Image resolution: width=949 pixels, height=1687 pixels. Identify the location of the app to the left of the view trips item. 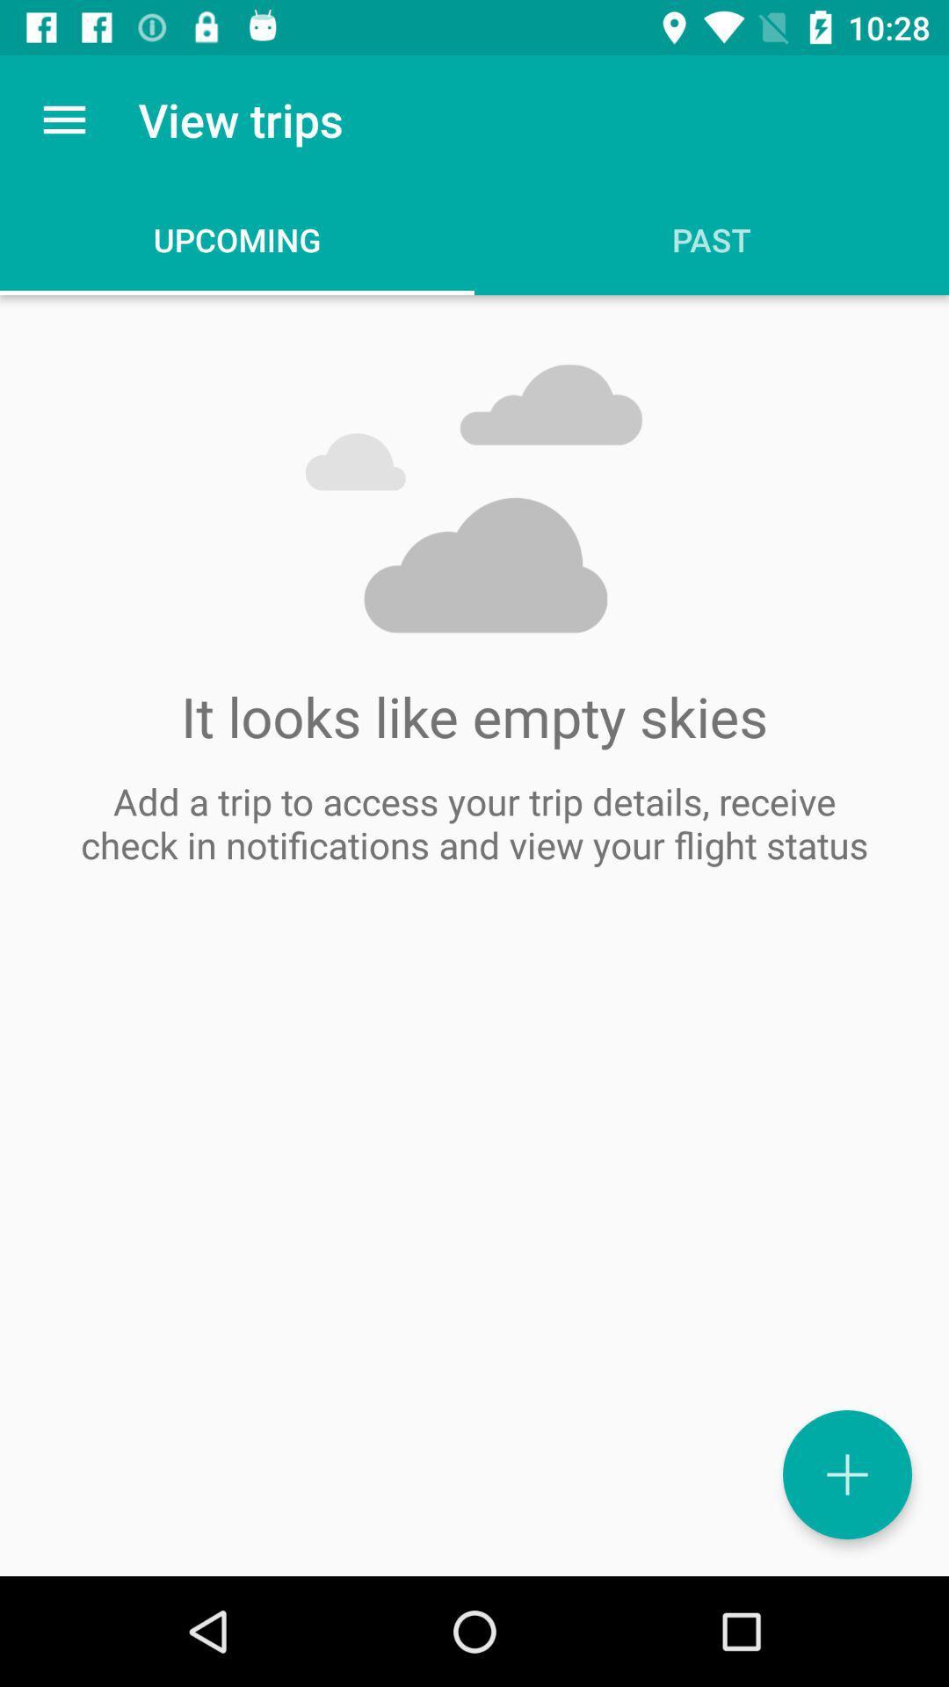
(63, 119).